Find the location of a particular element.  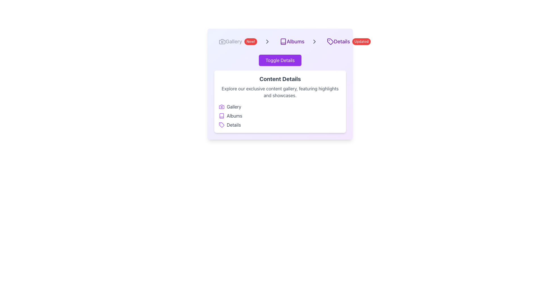

the Albums Icon located in the breadcrumb navigation bar, which visually represents the 'Albums' section next to the text 'Albums' is located at coordinates (283, 41).